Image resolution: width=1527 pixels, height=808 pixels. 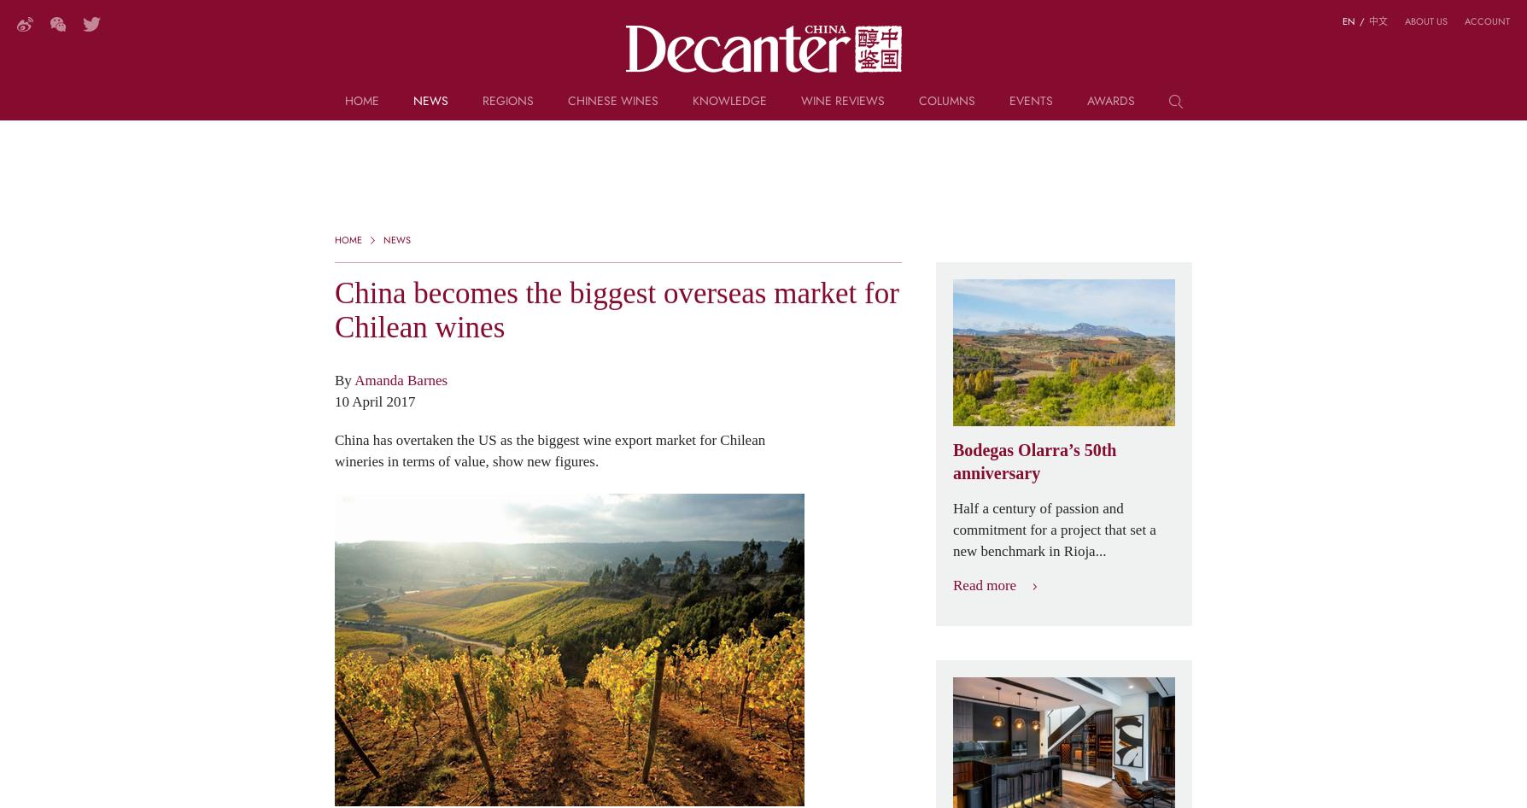 What do you see at coordinates (946, 99) in the screenshot?
I see `'Columns'` at bounding box center [946, 99].